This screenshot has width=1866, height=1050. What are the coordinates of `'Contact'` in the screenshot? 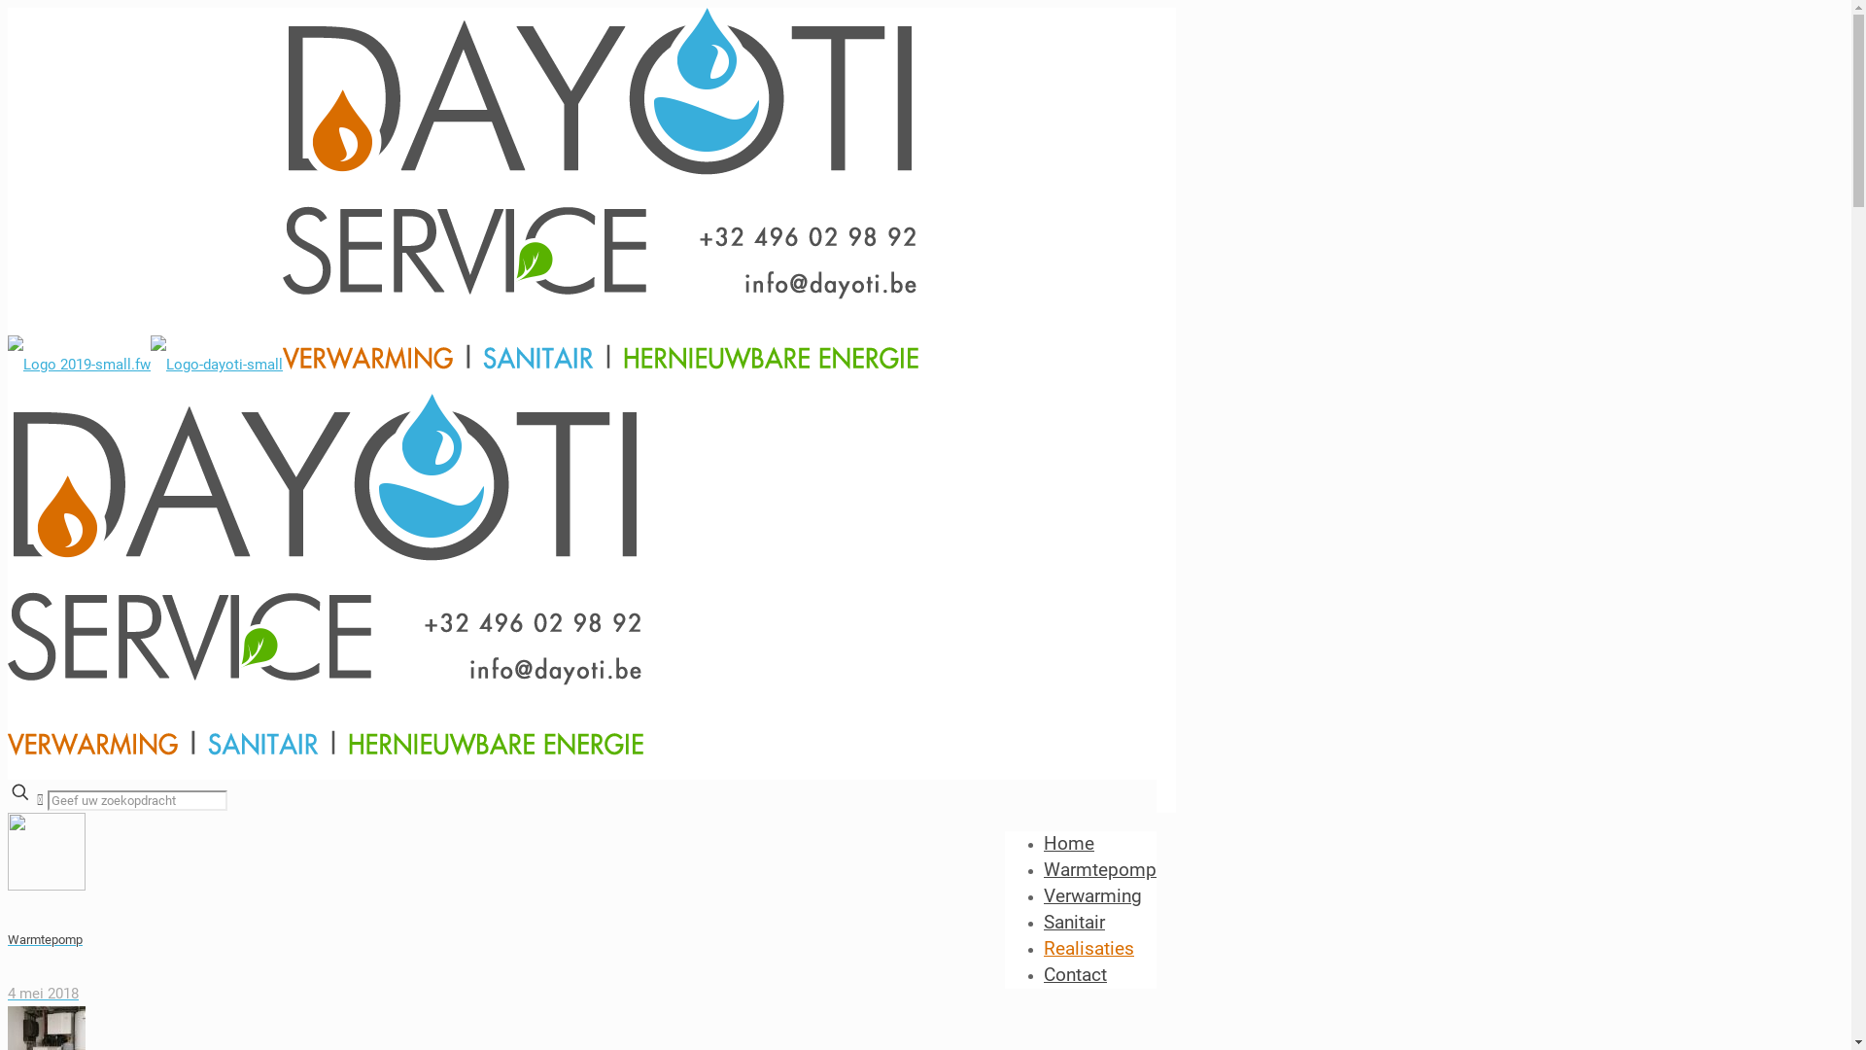 It's located at (1043, 974).